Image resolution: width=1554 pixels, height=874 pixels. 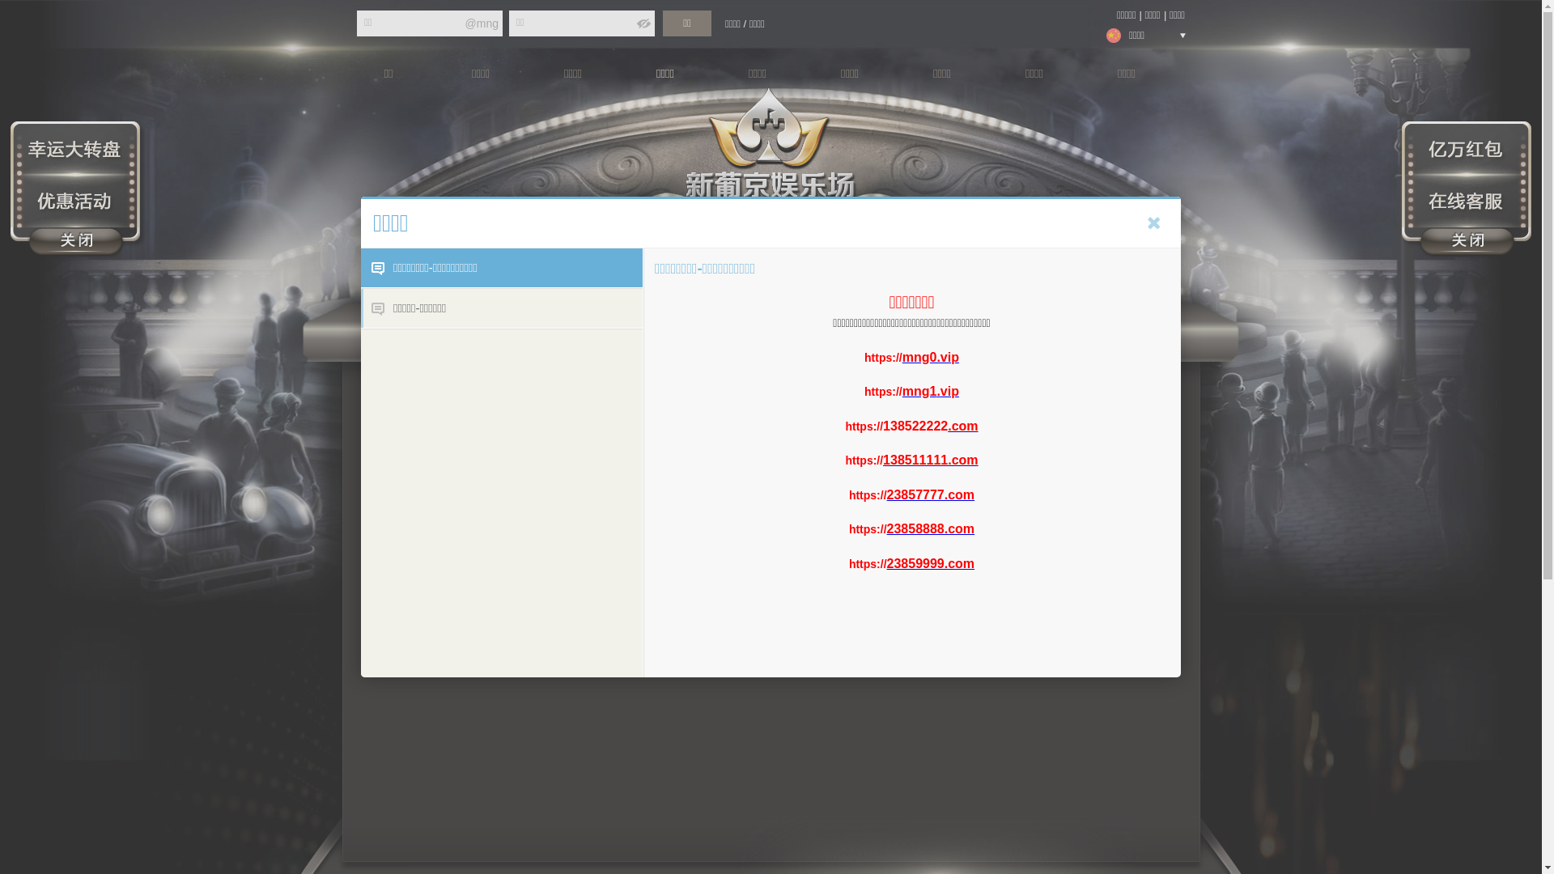 I want to click on '23859999.com', so click(x=931, y=562).